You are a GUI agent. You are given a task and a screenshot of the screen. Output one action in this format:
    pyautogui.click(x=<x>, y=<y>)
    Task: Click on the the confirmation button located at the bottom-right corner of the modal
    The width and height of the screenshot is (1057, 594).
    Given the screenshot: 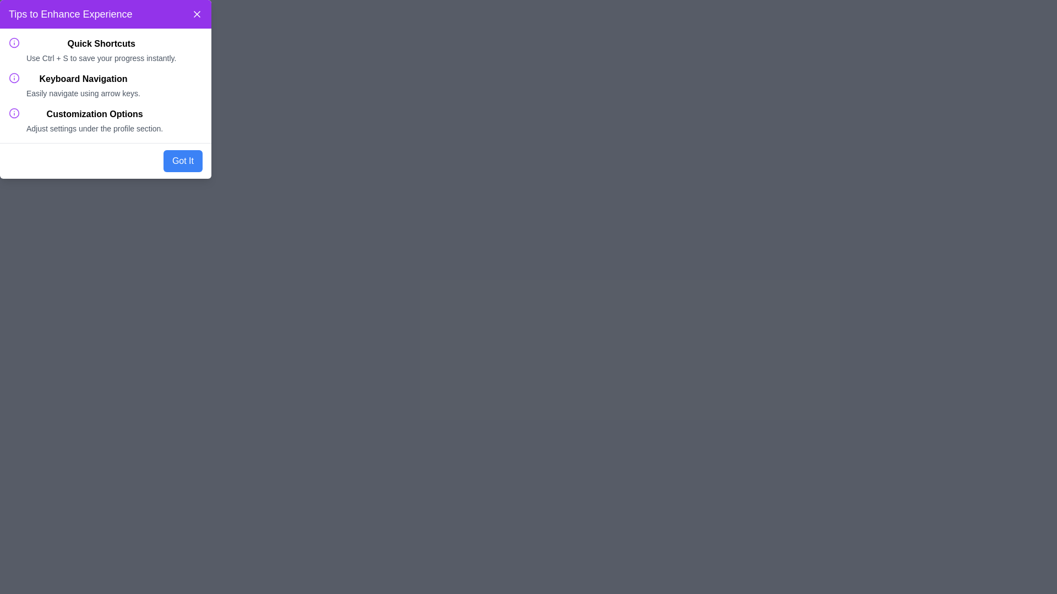 What is the action you would take?
    pyautogui.click(x=183, y=161)
    